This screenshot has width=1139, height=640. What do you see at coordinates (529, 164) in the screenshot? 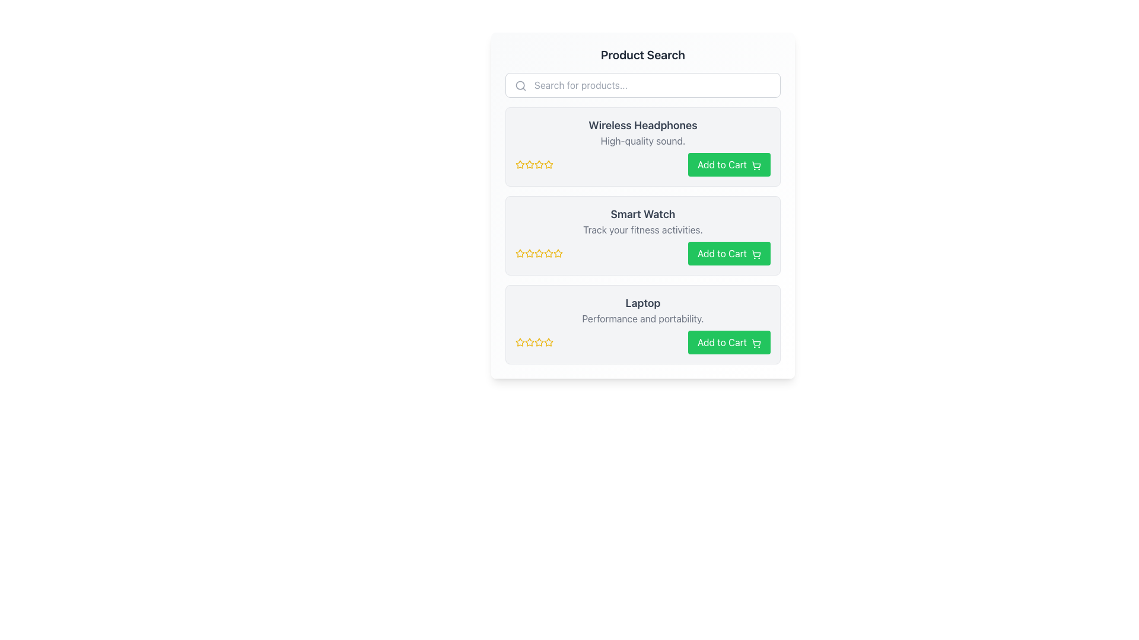
I see `the second yellow star icon in the rating system next to 'Wireless Headphones'` at bounding box center [529, 164].